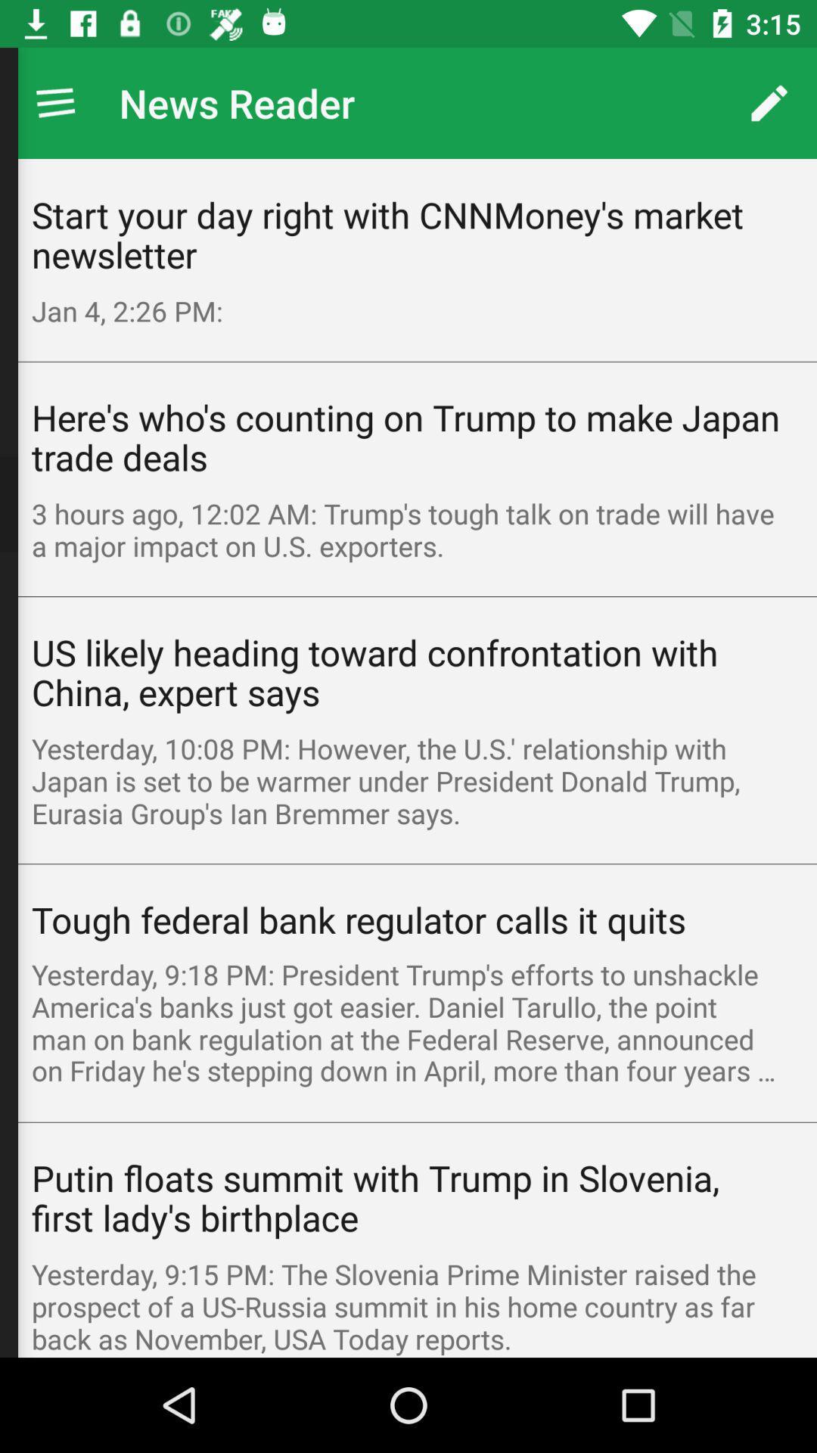 Image resolution: width=817 pixels, height=1453 pixels. What do you see at coordinates (769, 102) in the screenshot?
I see `the item at the top right corner` at bounding box center [769, 102].